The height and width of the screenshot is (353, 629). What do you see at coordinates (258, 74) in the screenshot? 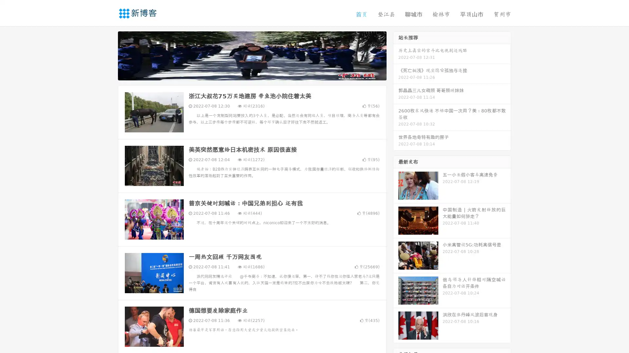
I see `Go to slide 3` at bounding box center [258, 74].